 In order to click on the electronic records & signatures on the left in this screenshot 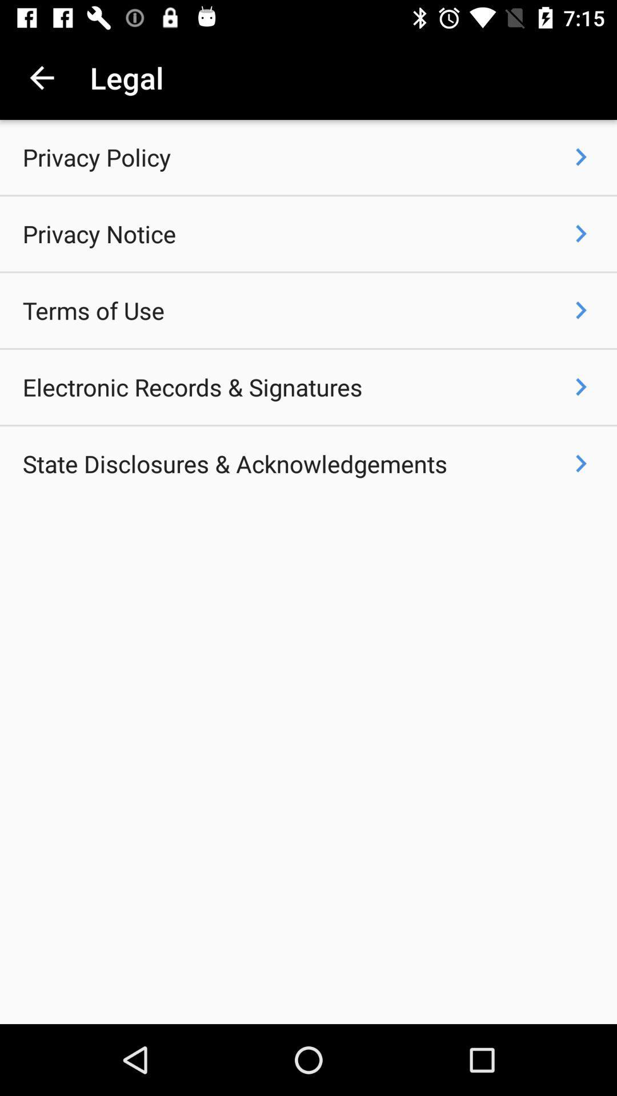, I will do `click(192, 387)`.